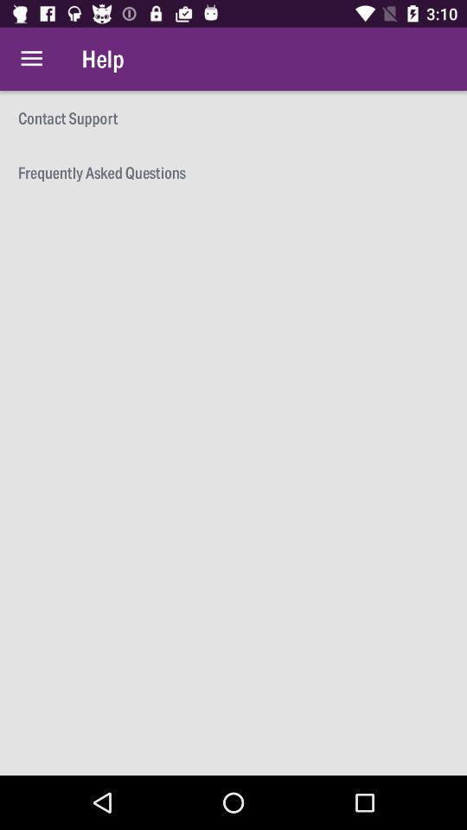  What do you see at coordinates (233, 172) in the screenshot?
I see `the frequently asked questions icon` at bounding box center [233, 172].